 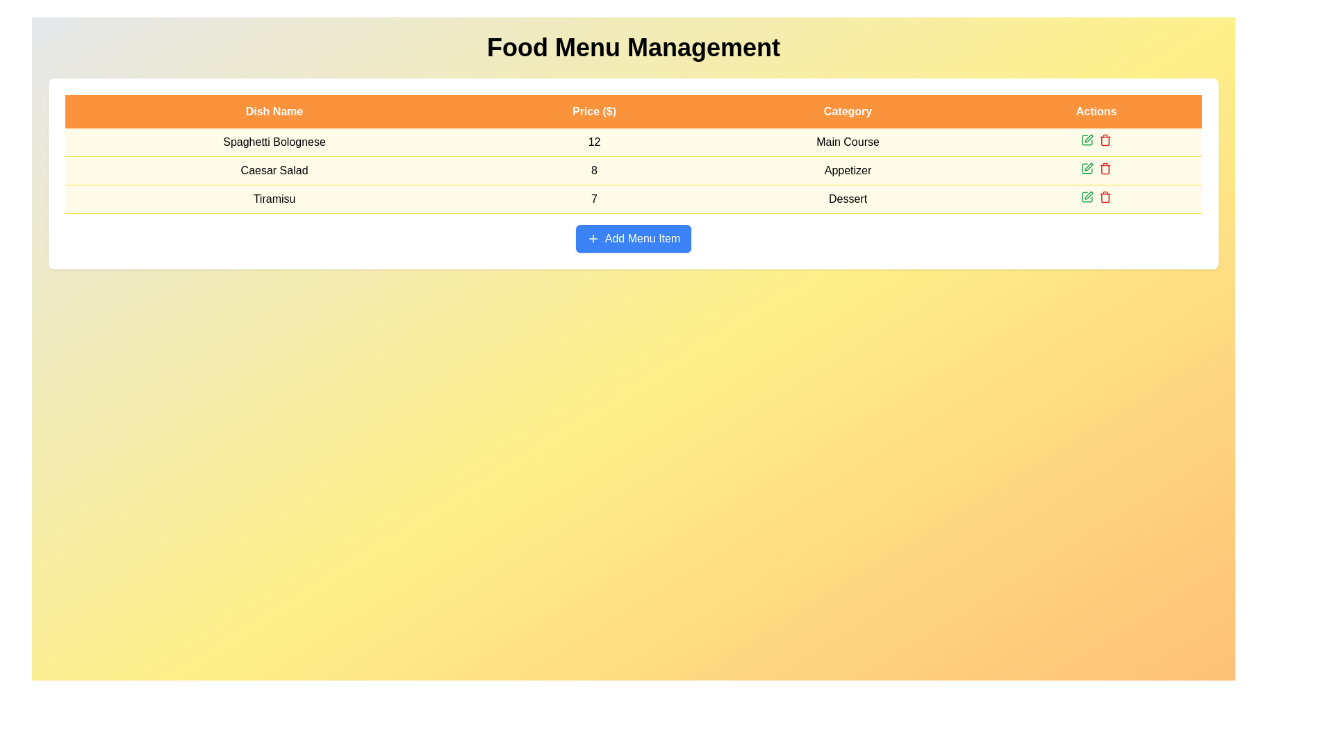 I want to click on the edit icon button located in the 'Actions' column of the first row in the table, so click(x=1086, y=140).